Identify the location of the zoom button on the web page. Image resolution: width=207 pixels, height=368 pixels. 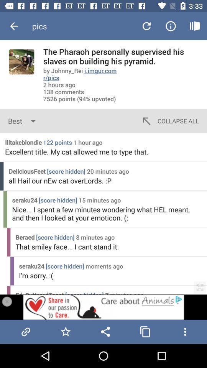
(200, 287).